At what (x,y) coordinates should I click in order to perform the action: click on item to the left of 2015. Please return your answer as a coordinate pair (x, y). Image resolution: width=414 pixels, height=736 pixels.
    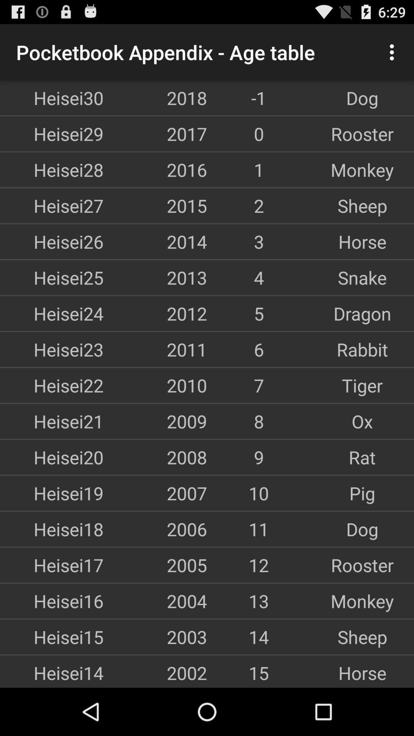
    Looking at the image, I should click on (52, 205).